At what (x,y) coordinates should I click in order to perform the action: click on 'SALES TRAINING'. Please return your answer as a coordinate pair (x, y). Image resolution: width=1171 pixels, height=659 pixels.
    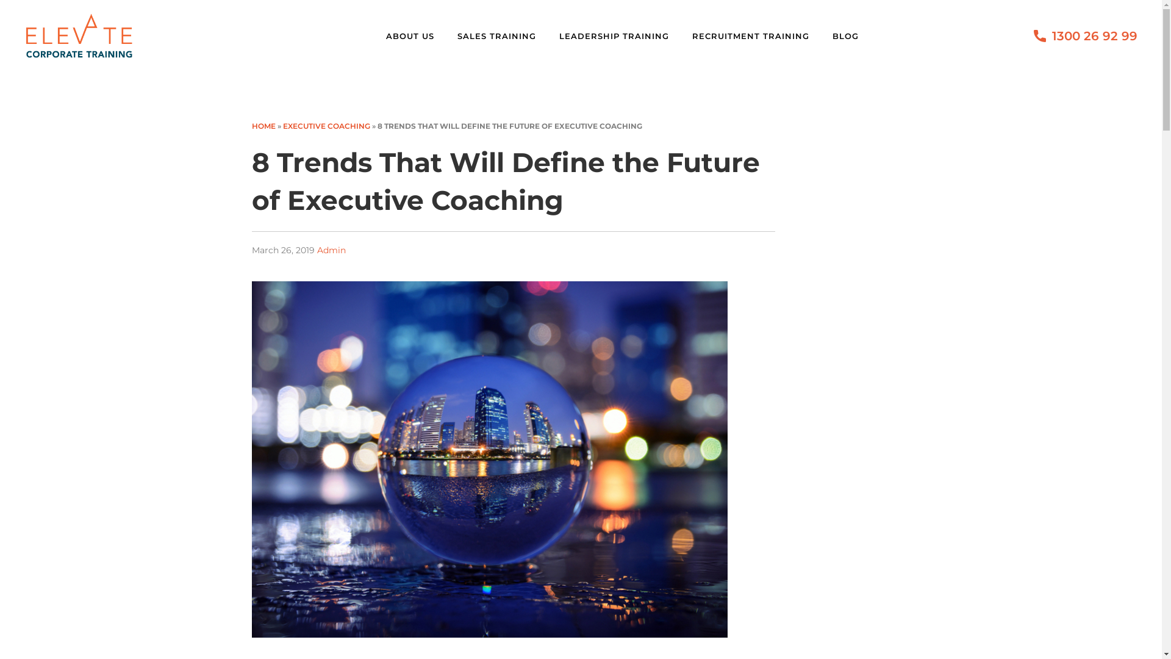
    Looking at the image, I should click on (503, 35).